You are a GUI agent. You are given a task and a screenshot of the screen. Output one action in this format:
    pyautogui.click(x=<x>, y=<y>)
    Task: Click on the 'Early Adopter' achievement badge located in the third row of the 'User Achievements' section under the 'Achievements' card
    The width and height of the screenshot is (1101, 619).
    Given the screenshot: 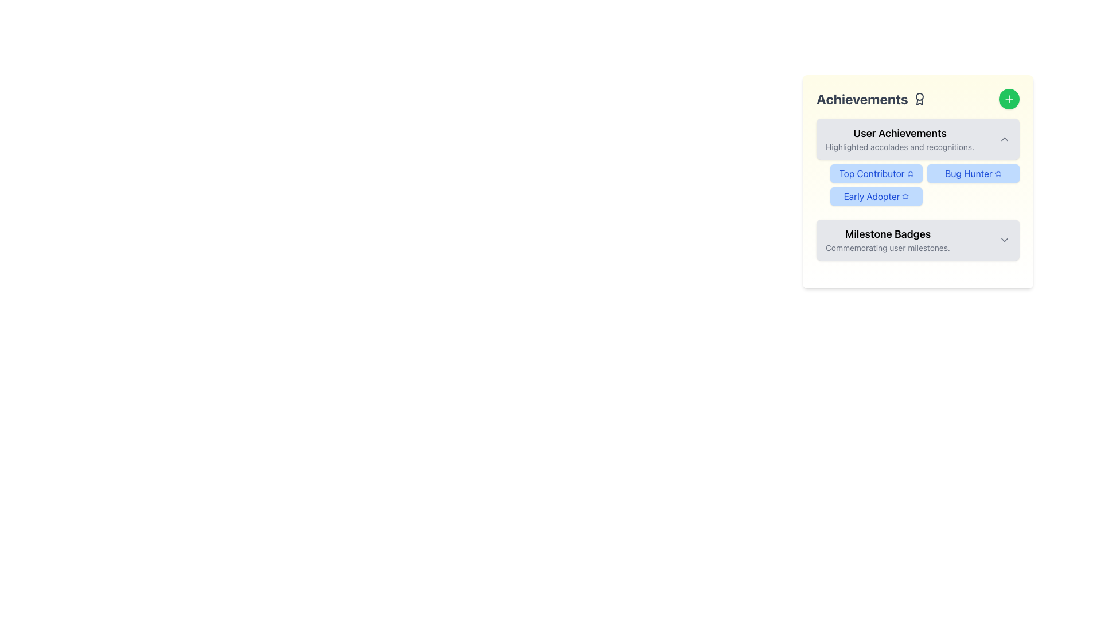 What is the action you would take?
    pyautogui.click(x=918, y=189)
    